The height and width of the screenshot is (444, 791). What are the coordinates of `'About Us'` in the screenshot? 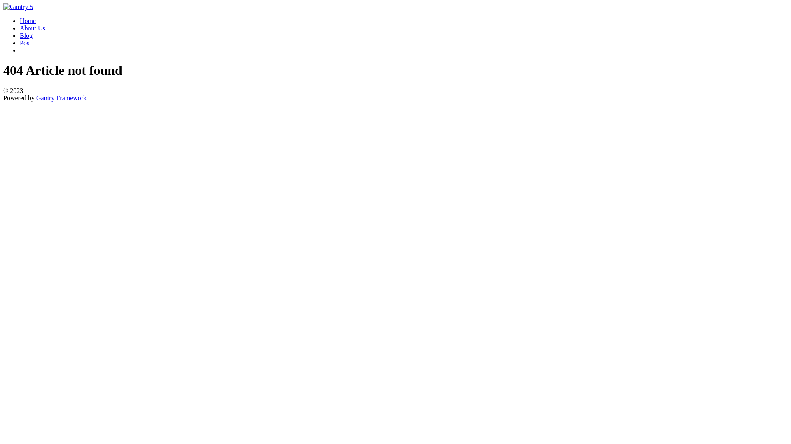 It's located at (32, 28).